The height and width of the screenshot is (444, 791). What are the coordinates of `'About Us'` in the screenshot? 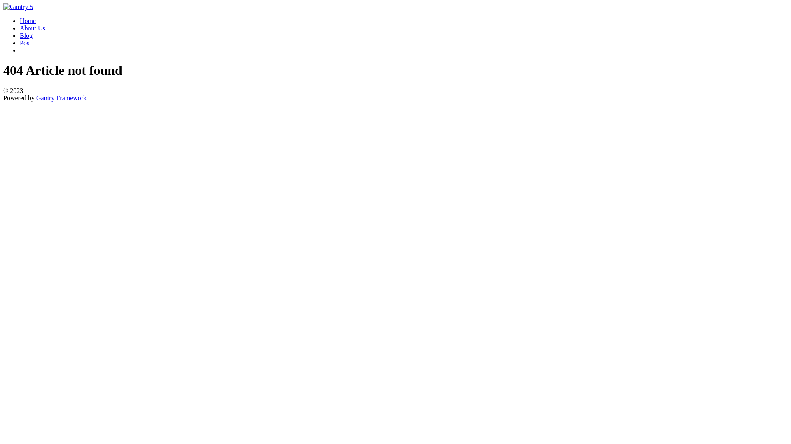 It's located at (32, 28).